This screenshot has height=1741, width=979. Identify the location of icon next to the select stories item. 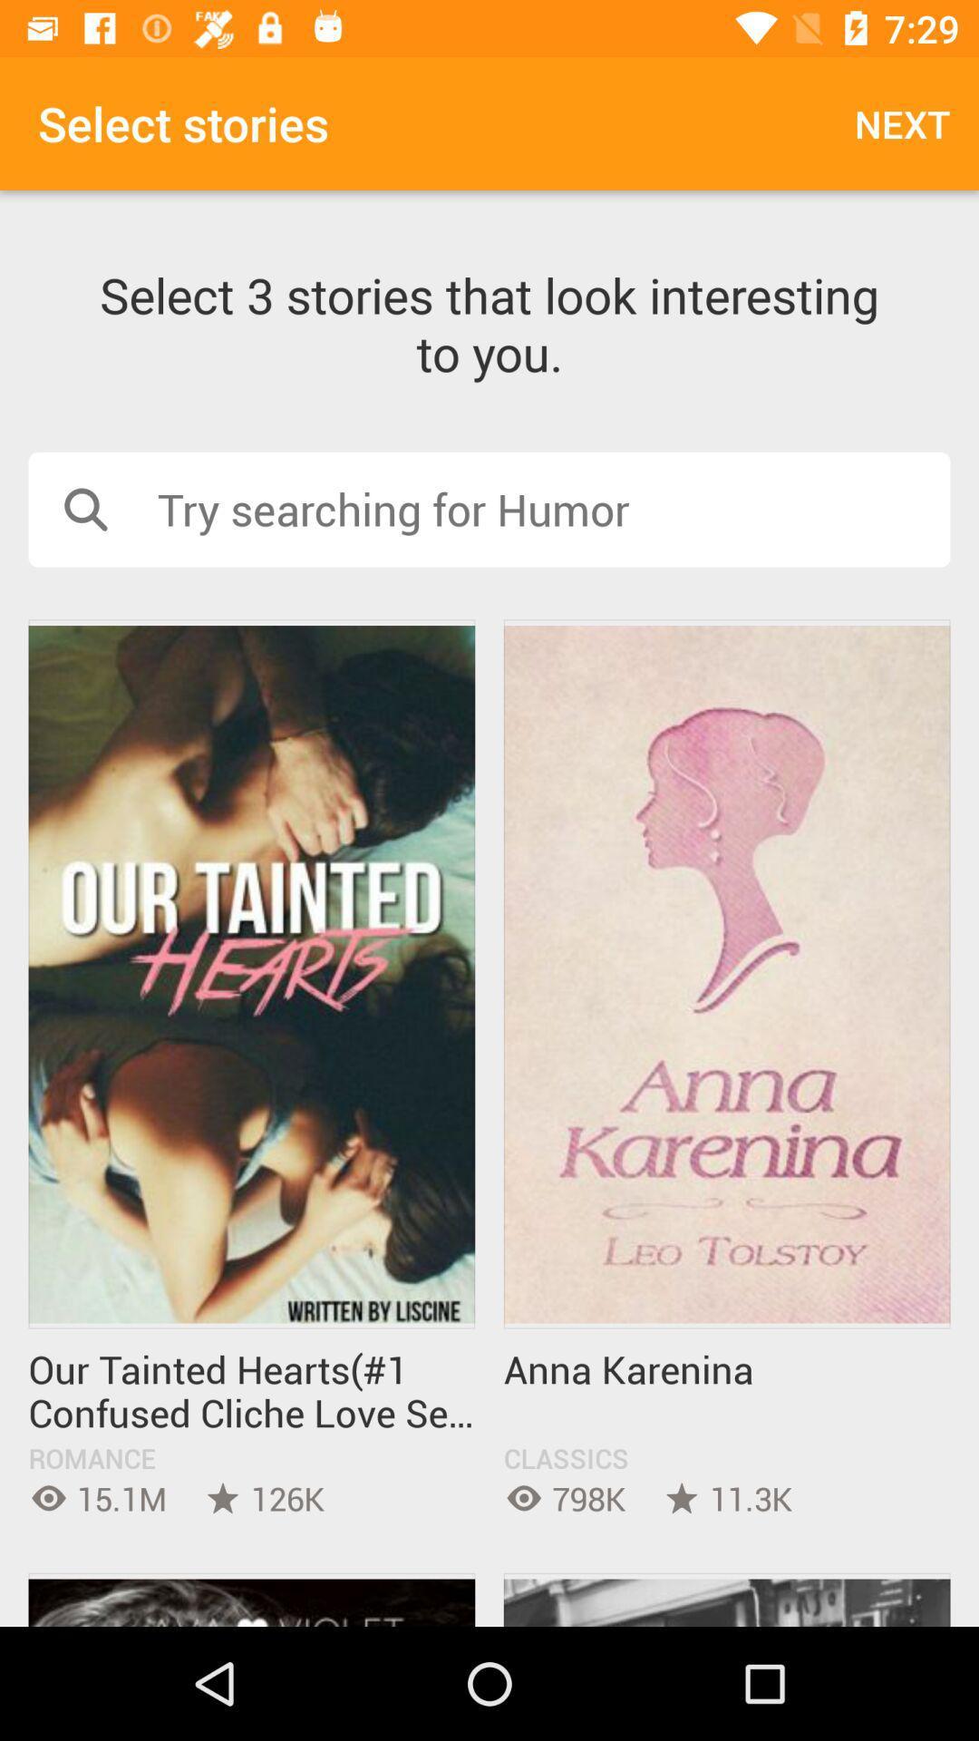
(902, 122).